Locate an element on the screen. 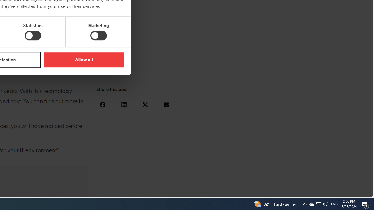 The height and width of the screenshot is (210, 374). 'Share on linkedin' is located at coordinates (123, 104).